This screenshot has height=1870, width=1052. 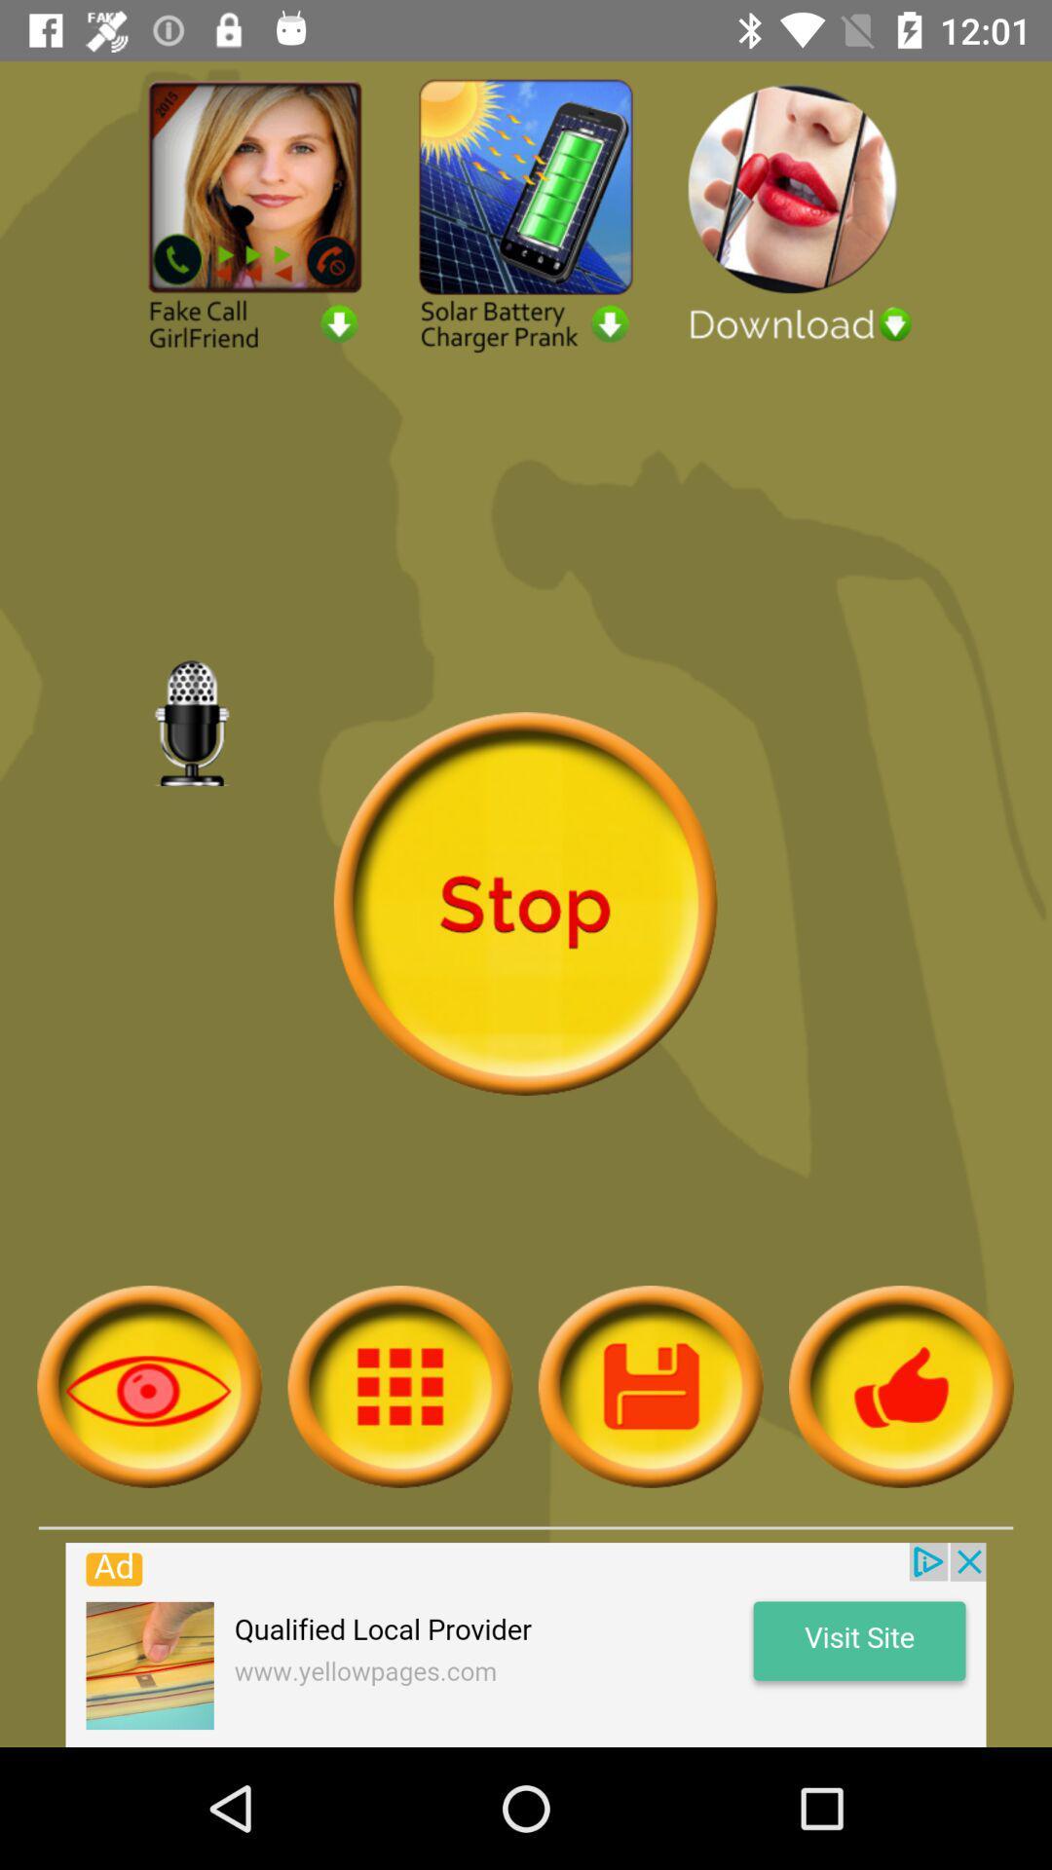 I want to click on advertisement, so click(x=526, y=1644).